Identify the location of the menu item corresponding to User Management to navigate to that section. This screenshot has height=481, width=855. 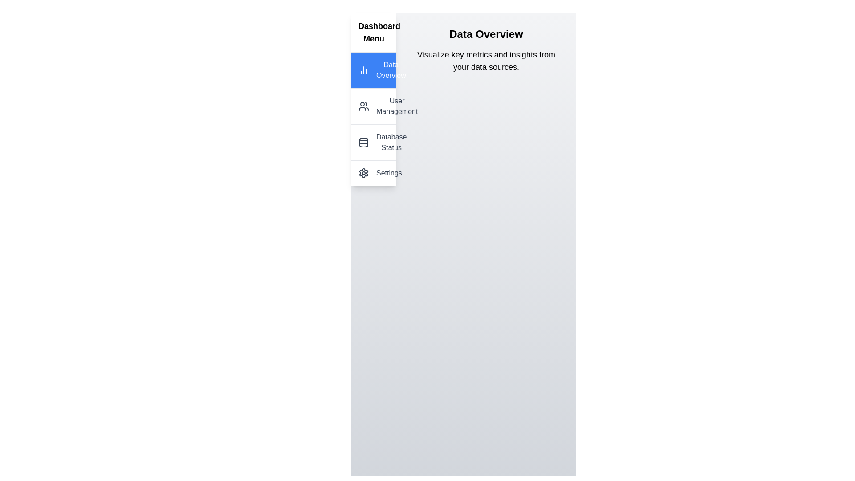
(374, 106).